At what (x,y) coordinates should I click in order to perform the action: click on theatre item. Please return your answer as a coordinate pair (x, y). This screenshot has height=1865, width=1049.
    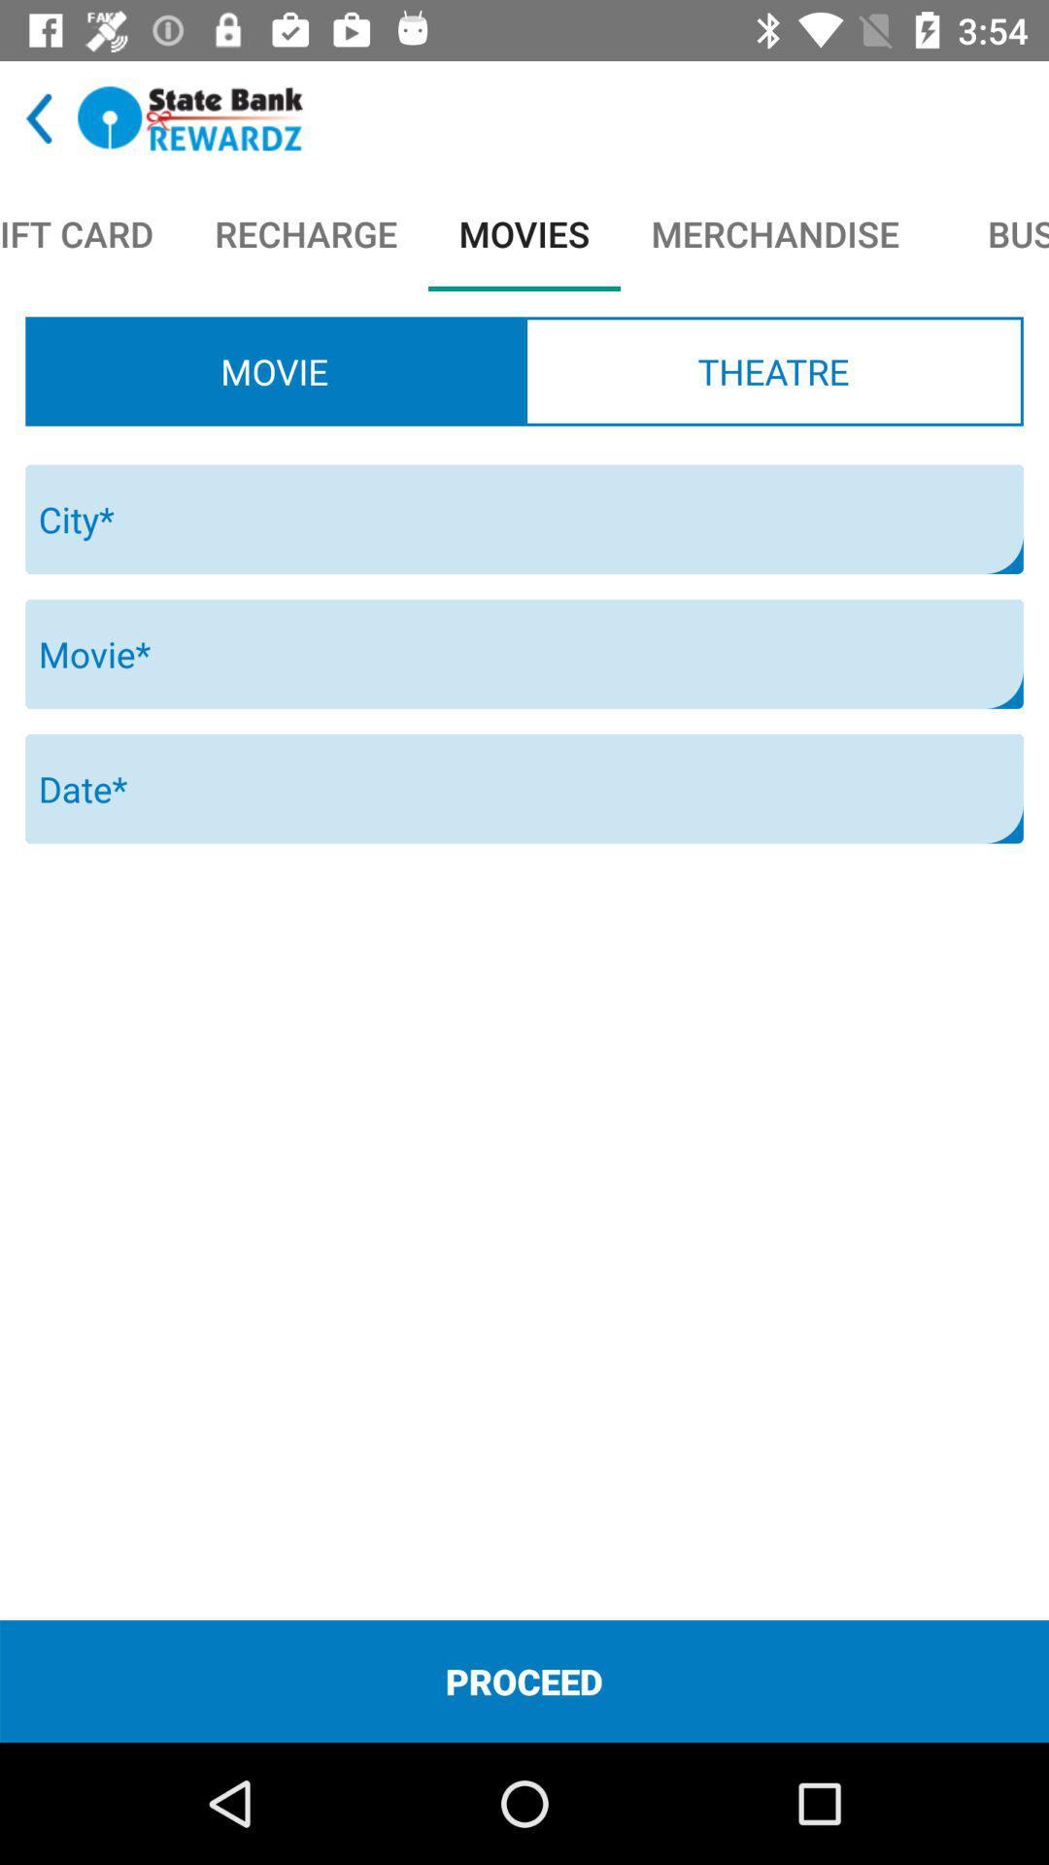
    Looking at the image, I should click on (772, 371).